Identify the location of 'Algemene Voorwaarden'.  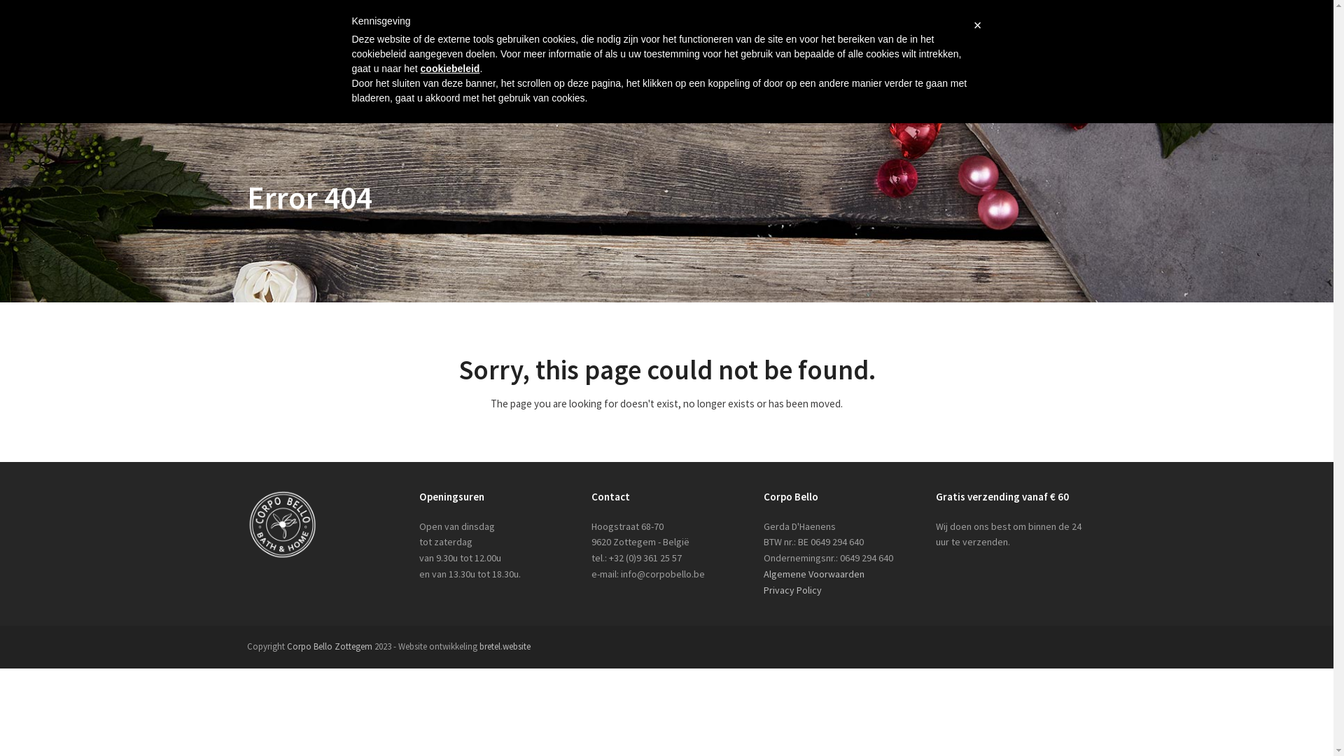
(813, 574).